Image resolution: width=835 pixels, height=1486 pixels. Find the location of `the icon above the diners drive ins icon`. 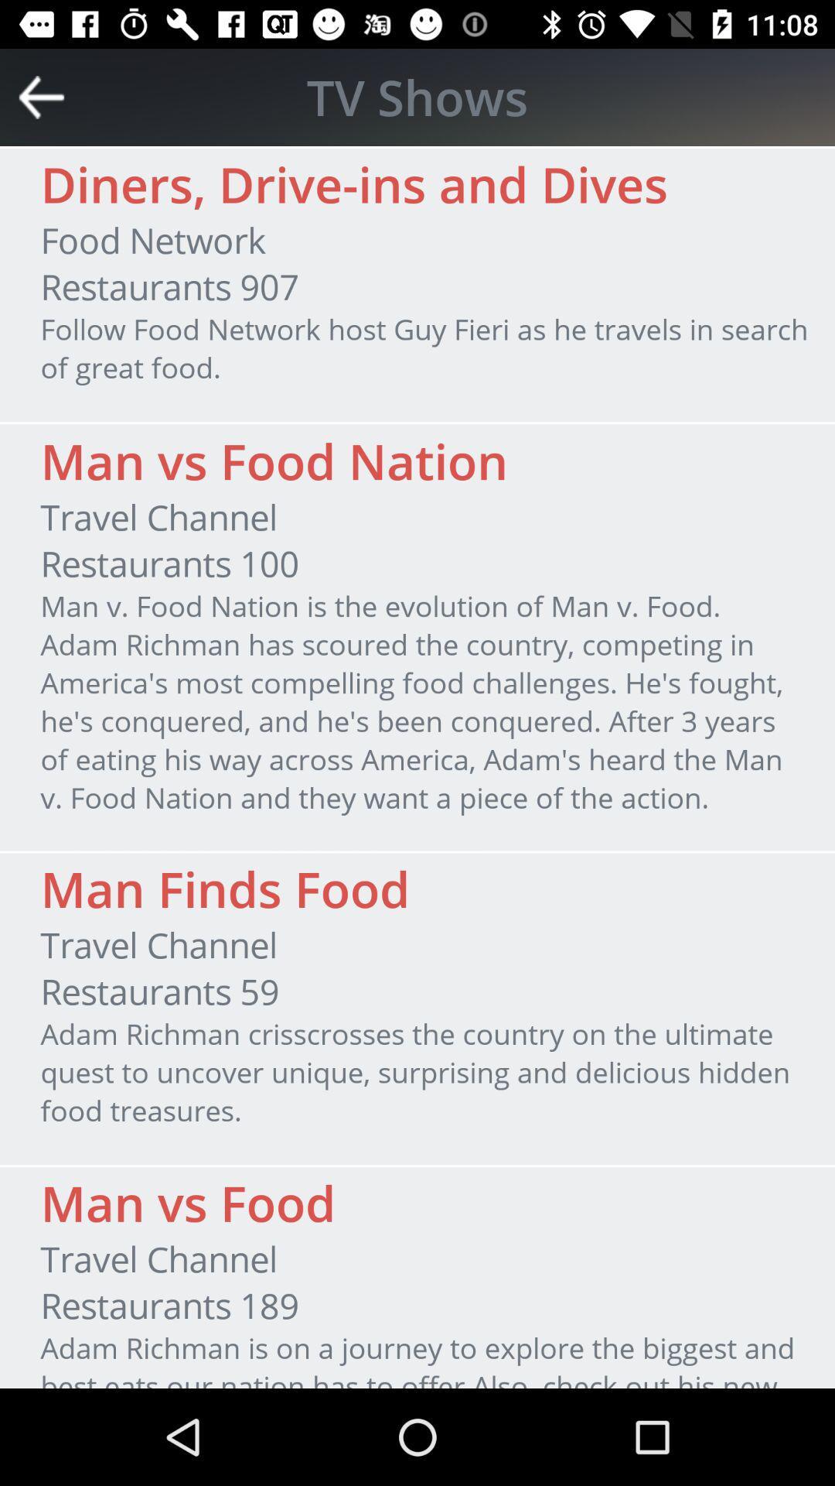

the icon above the diners drive ins icon is located at coordinates (417, 96).